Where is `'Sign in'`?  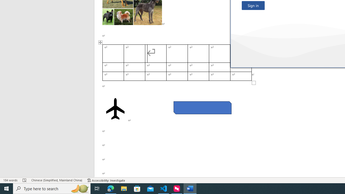 'Sign in' is located at coordinates (253, 5).